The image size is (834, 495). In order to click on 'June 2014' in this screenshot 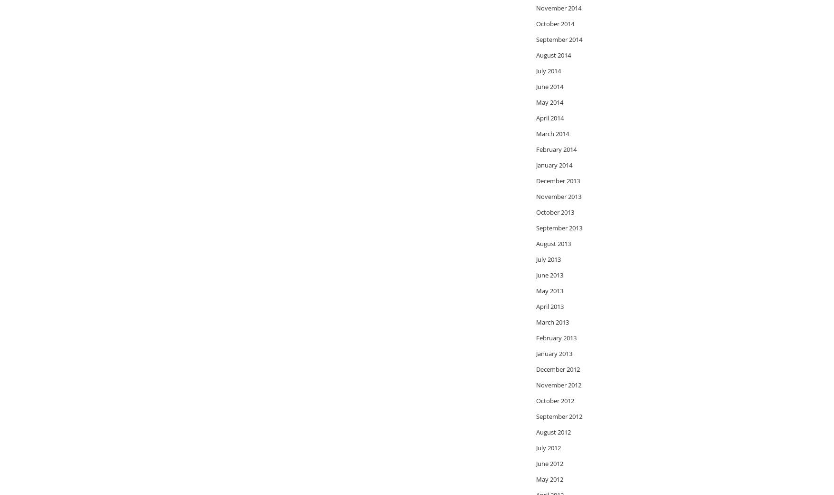, I will do `click(536, 86)`.